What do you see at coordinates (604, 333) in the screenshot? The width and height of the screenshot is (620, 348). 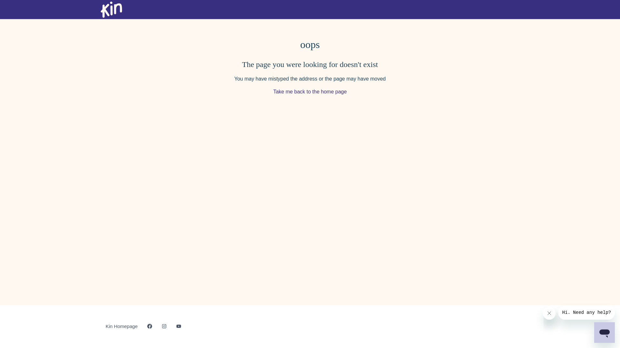 I see `'Button to launch messaging window'` at bounding box center [604, 333].